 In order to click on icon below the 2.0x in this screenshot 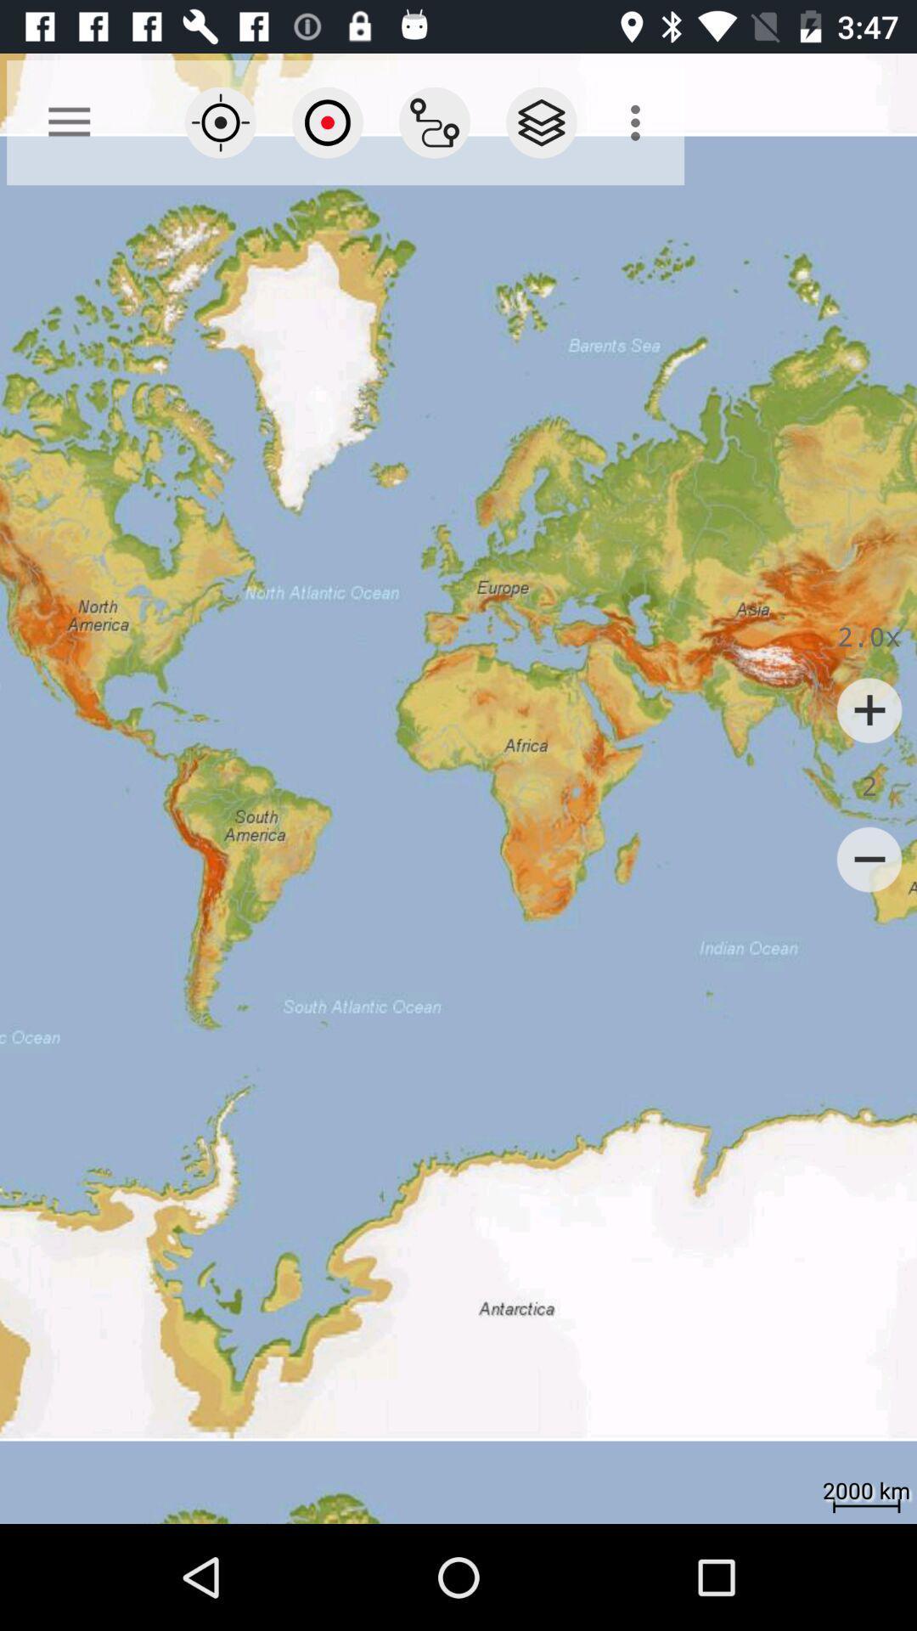, I will do `click(869, 710)`.